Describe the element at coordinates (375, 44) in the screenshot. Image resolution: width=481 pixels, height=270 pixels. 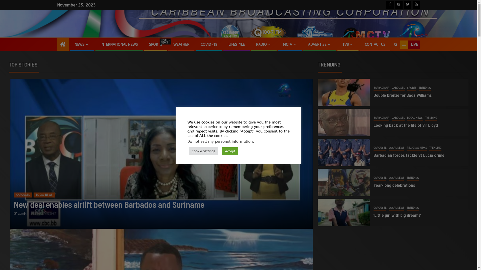
I see `'CONTACT US'` at that location.